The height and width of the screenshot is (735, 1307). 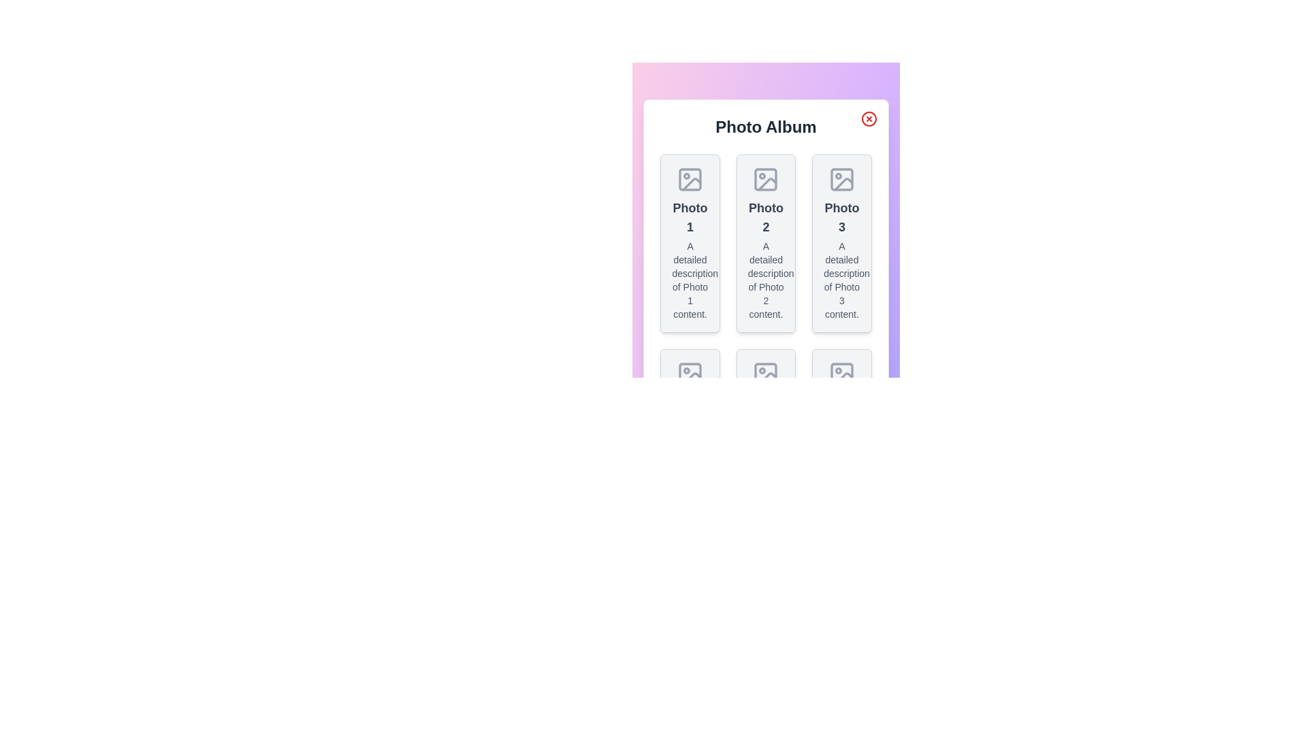 What do you see at coordinates (868, 118) in the screenshot?
I see `the close button at the top-right corner of the dialog` at bounding box center [868, 118].